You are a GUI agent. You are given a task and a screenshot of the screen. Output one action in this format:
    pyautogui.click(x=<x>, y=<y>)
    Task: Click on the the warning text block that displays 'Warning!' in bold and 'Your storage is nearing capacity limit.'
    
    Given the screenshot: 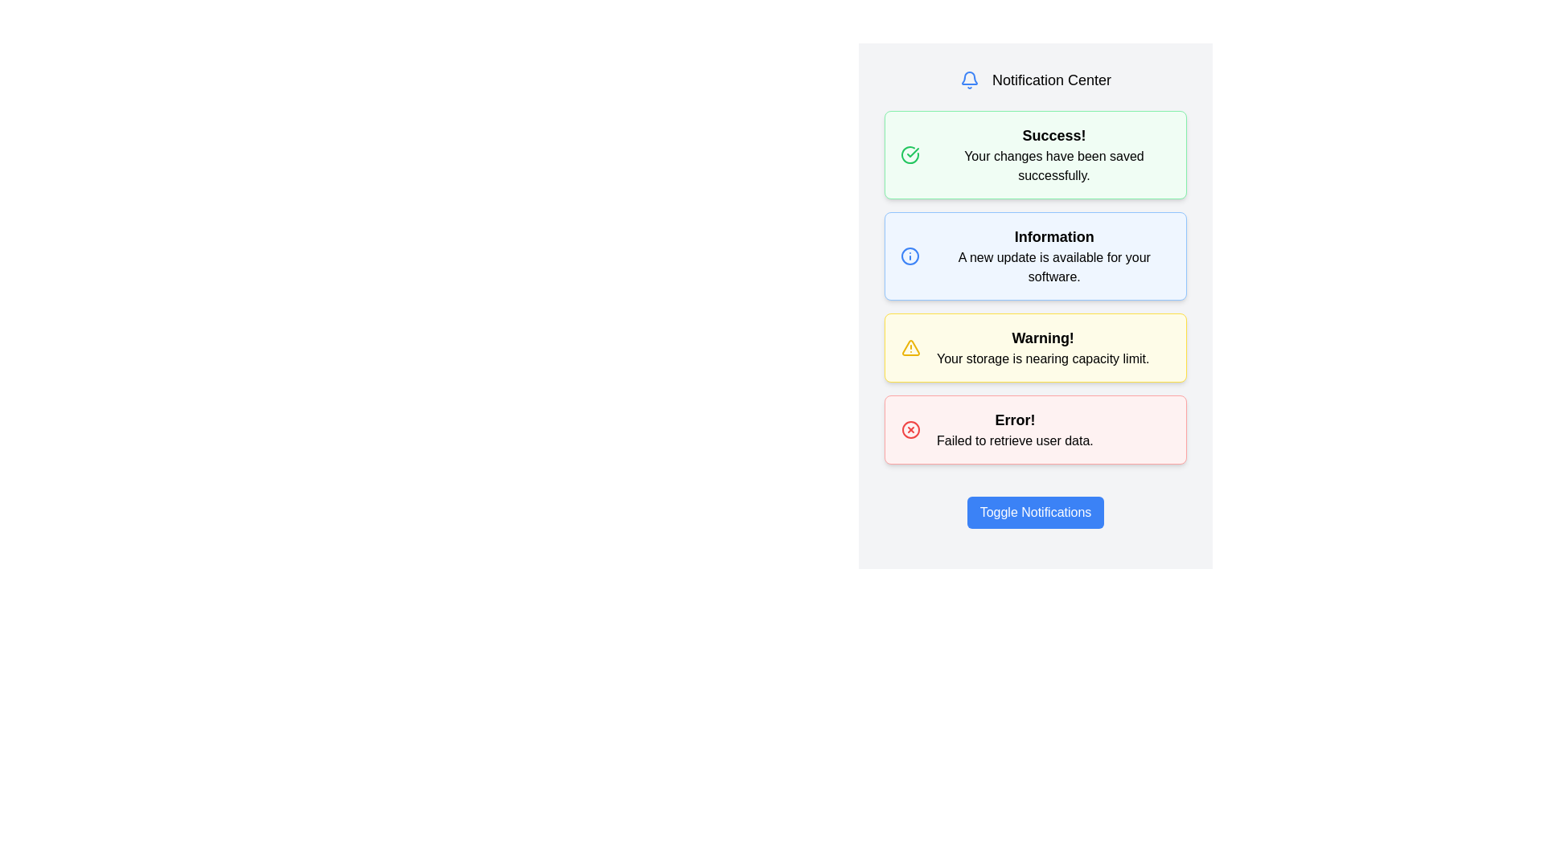 What is the action you would take?
    pyautogui.click(x=1043, y=346)
    